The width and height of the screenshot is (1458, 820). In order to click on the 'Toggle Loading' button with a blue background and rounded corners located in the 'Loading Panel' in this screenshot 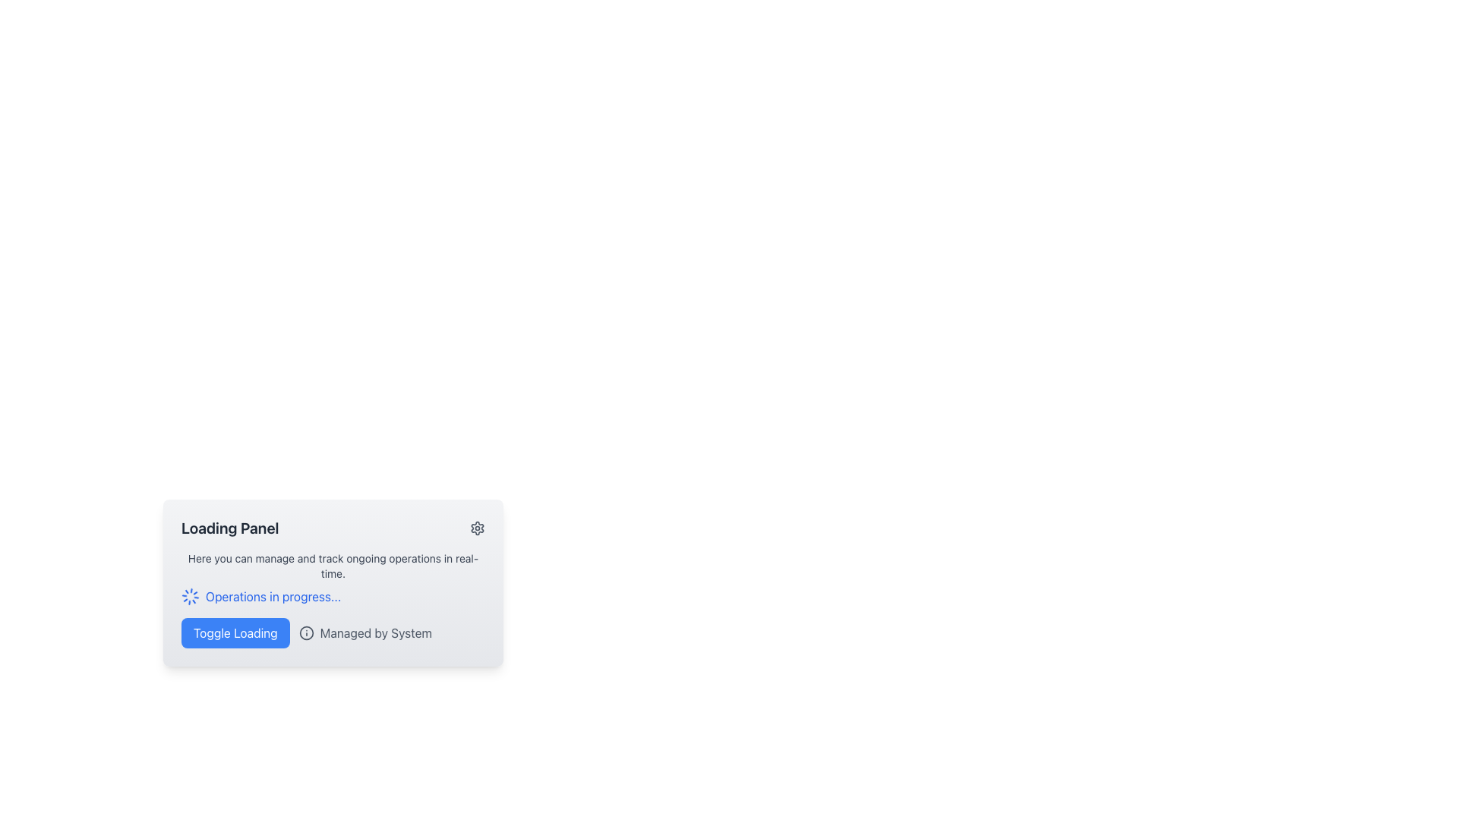, I will do `click(235, 632)`.